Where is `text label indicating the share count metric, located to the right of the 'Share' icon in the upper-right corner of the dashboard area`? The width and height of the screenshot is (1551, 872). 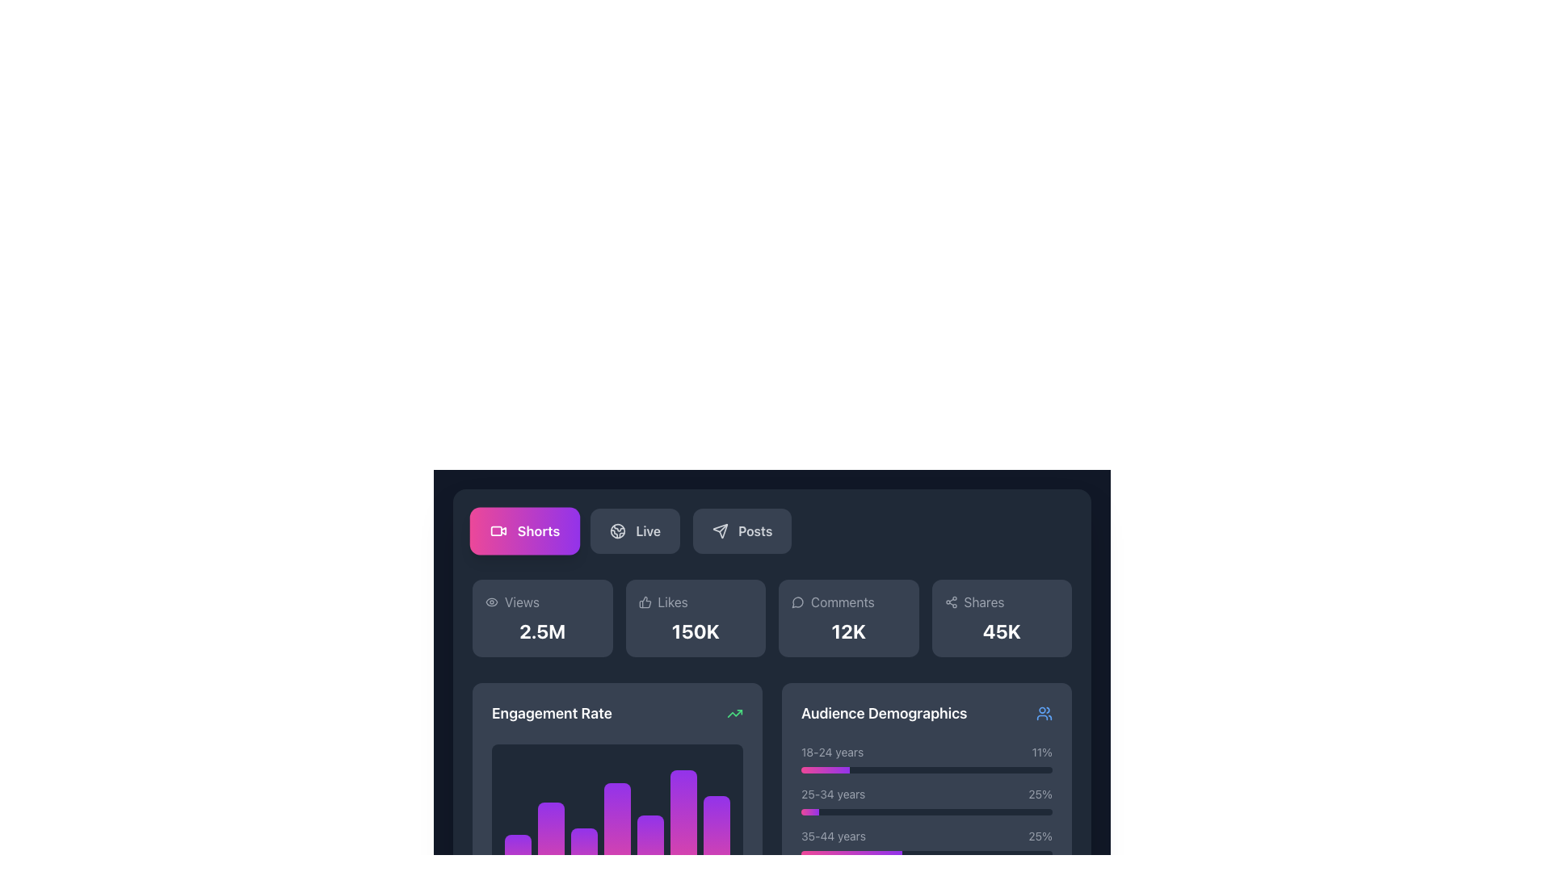
text label indicating the share count metric, located to the right of the 'Share' icon in the upper-right corner of the dashboard area is located at coordinates (983, 602).